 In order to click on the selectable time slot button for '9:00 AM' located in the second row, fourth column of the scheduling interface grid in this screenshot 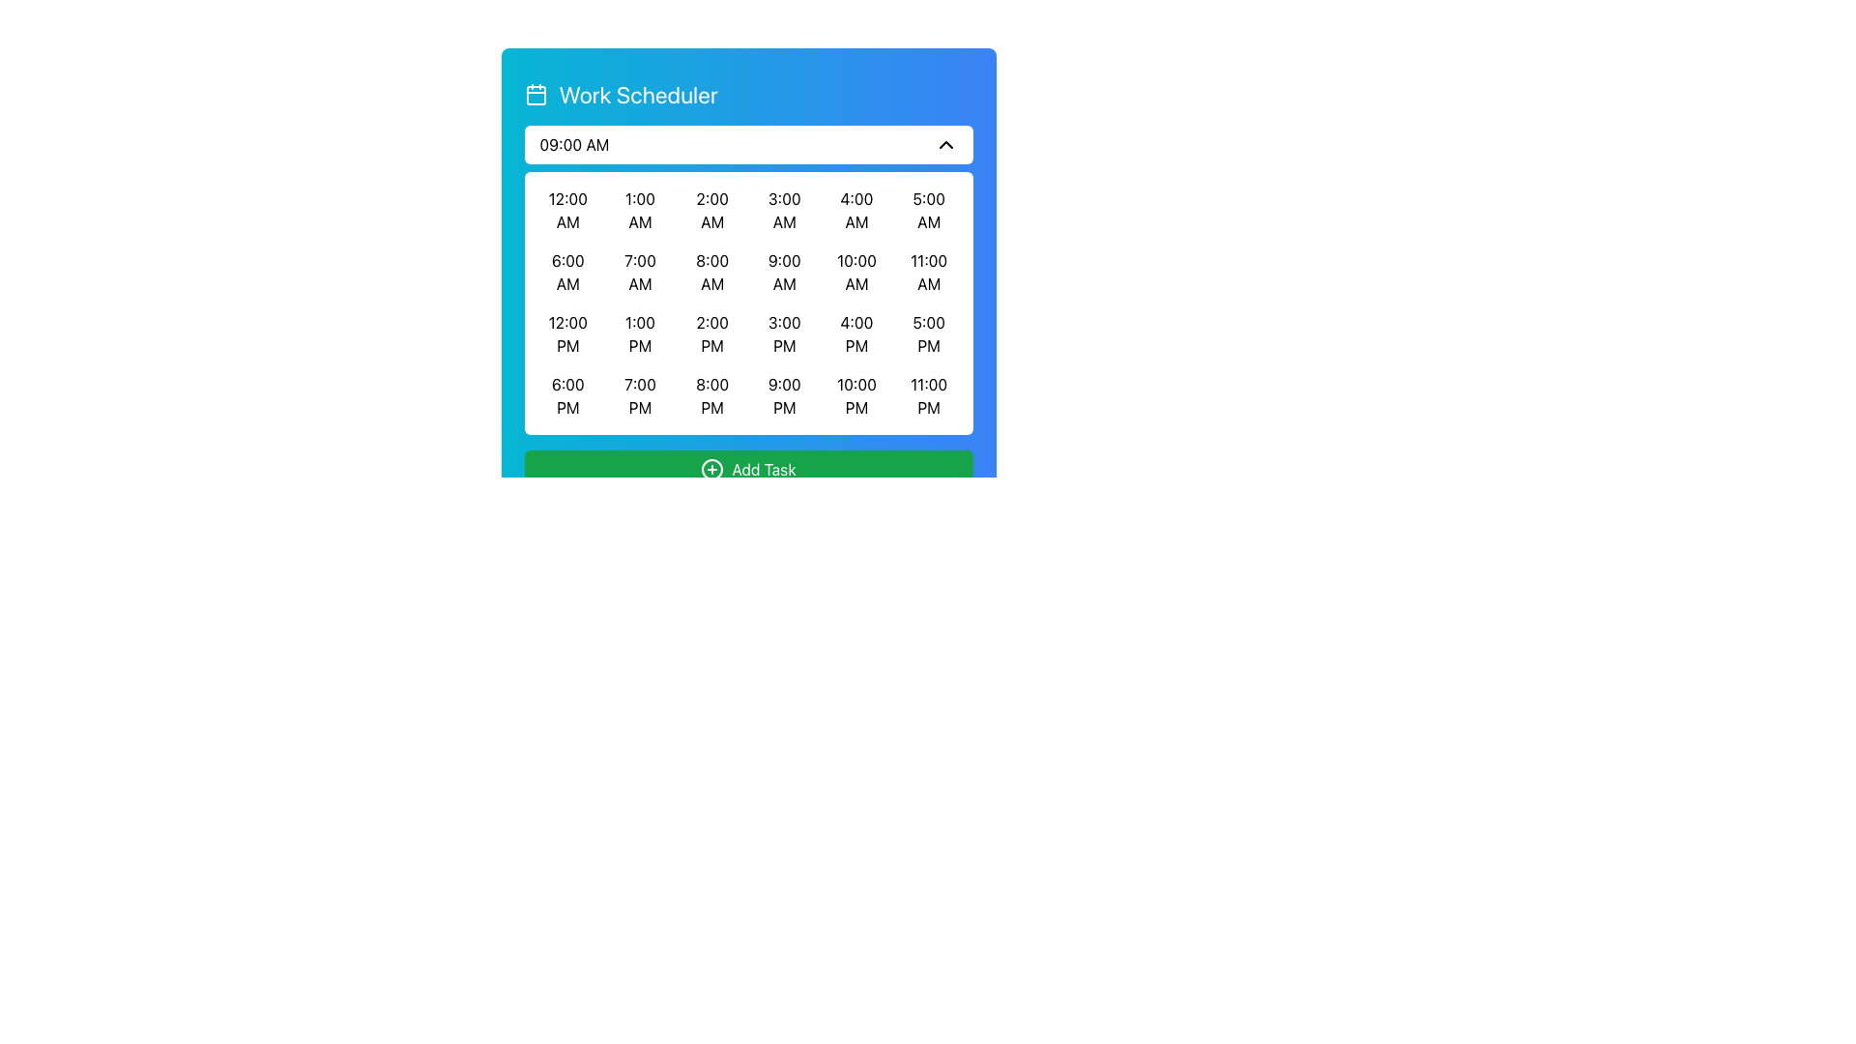, I will do `click(784, 272)`.